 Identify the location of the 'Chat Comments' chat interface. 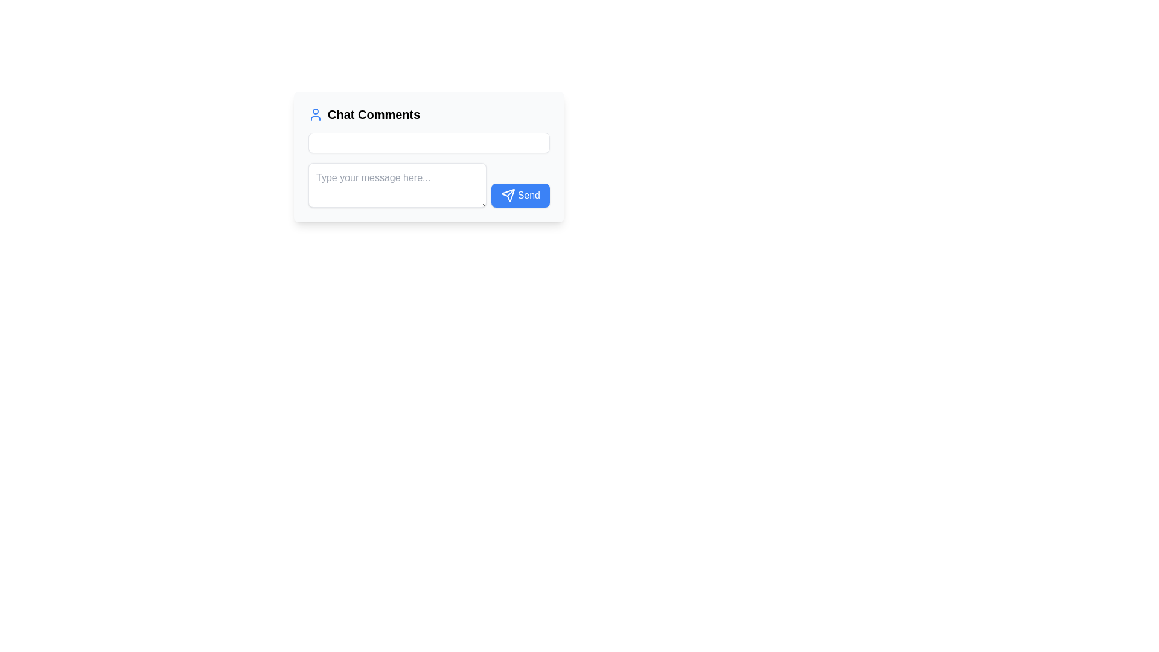
(429, 156).